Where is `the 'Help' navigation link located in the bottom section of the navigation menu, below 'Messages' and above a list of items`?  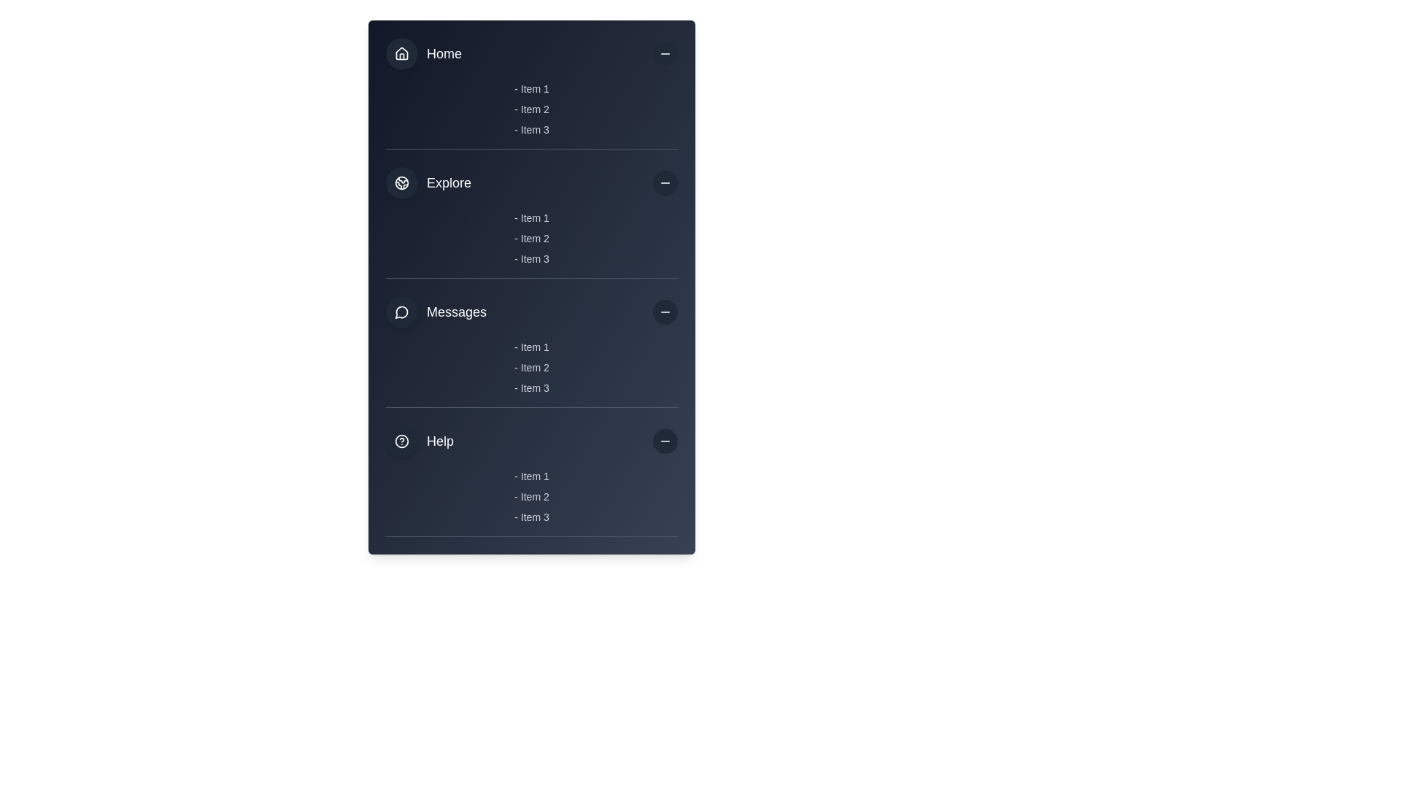 the 'Help' navigation link located in the bottom section of the navigation menu, below 'Messages' and above a list of items is located at coordinates (419, 441).